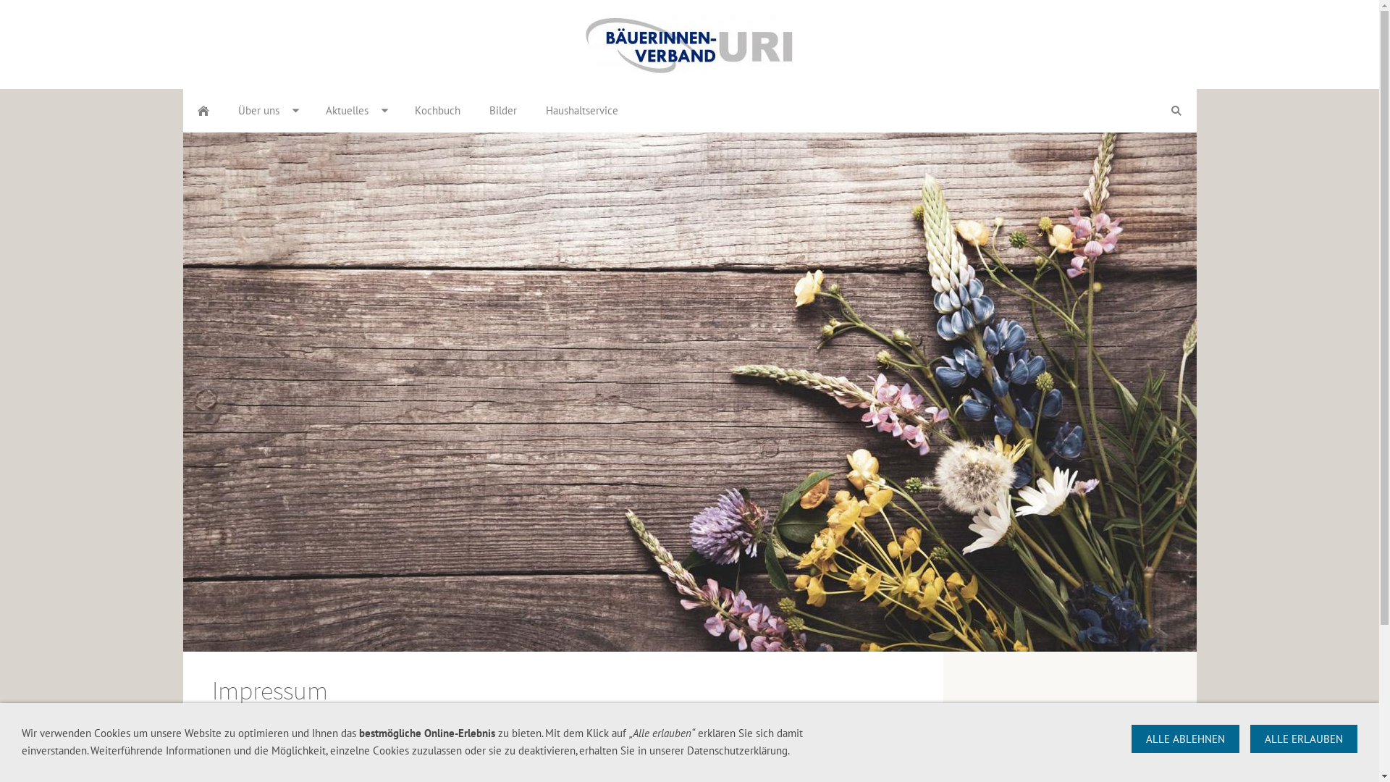 The width and height of the screenshot is (1390, 782). I want to click on 'ALLE ABLEHNEN', so click(1185, 739).